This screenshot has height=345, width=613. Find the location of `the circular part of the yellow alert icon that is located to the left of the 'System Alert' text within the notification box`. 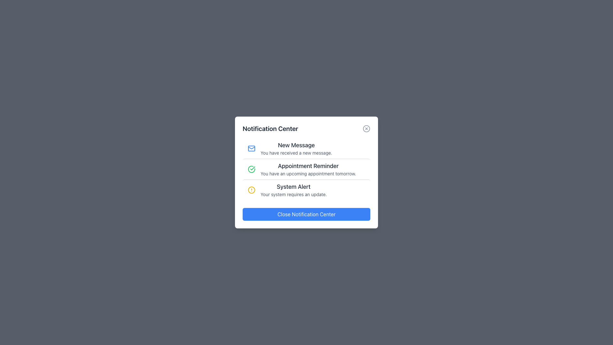

the circular part of the yellow alert icon that is located to the left of the 'System Alert' text within the notification box is located at coordinates (251, 189).